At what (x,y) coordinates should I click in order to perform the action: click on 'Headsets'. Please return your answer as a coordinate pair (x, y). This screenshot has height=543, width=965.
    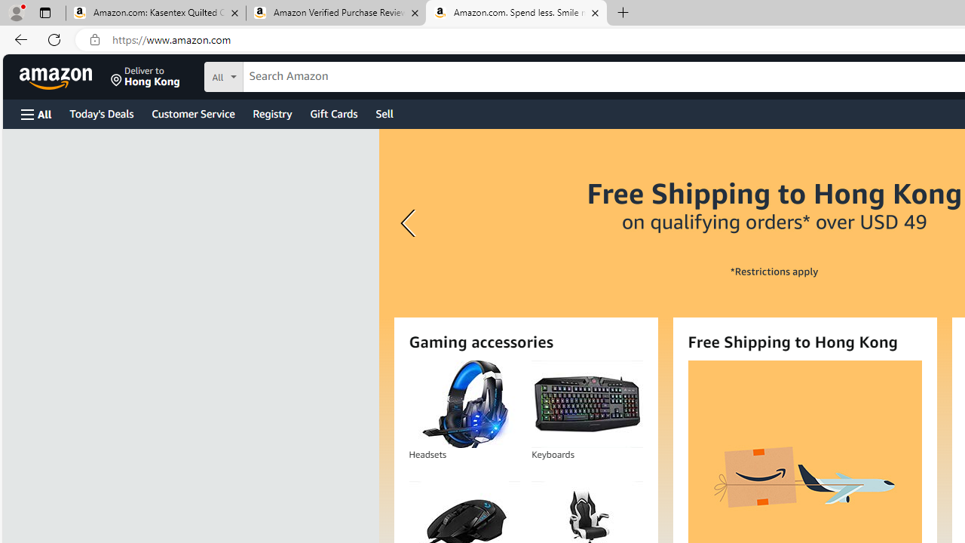
    Looking at the image, I should click on (463, 403).